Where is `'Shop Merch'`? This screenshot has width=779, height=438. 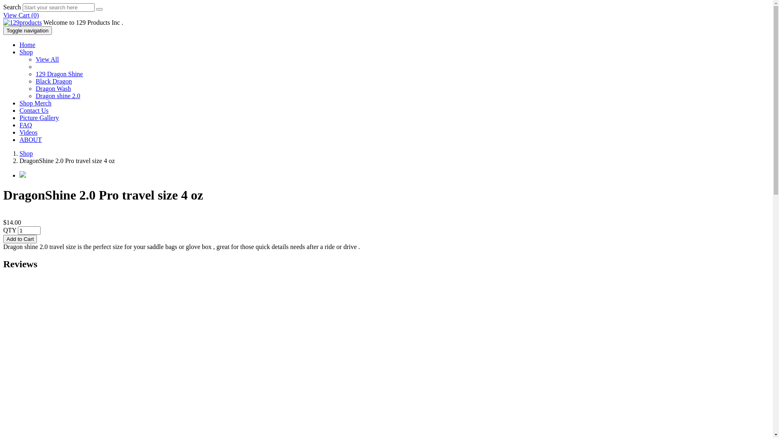 'Shop Merch' is located at coordinates (35, 103).